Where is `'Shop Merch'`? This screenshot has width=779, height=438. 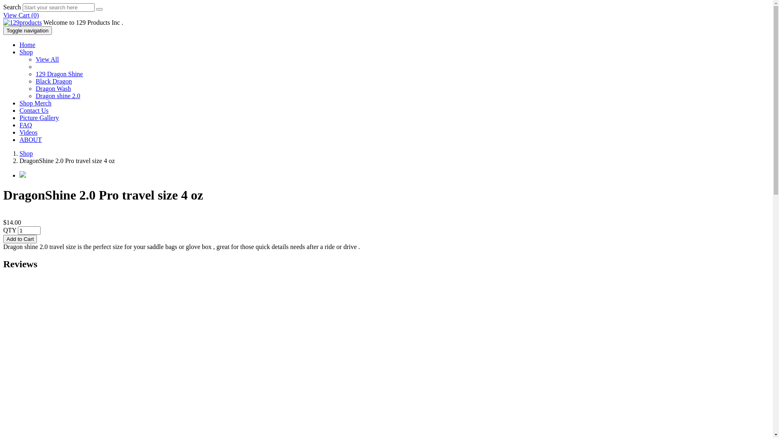 'Shop Merch' is located at coordinates (35, 103).